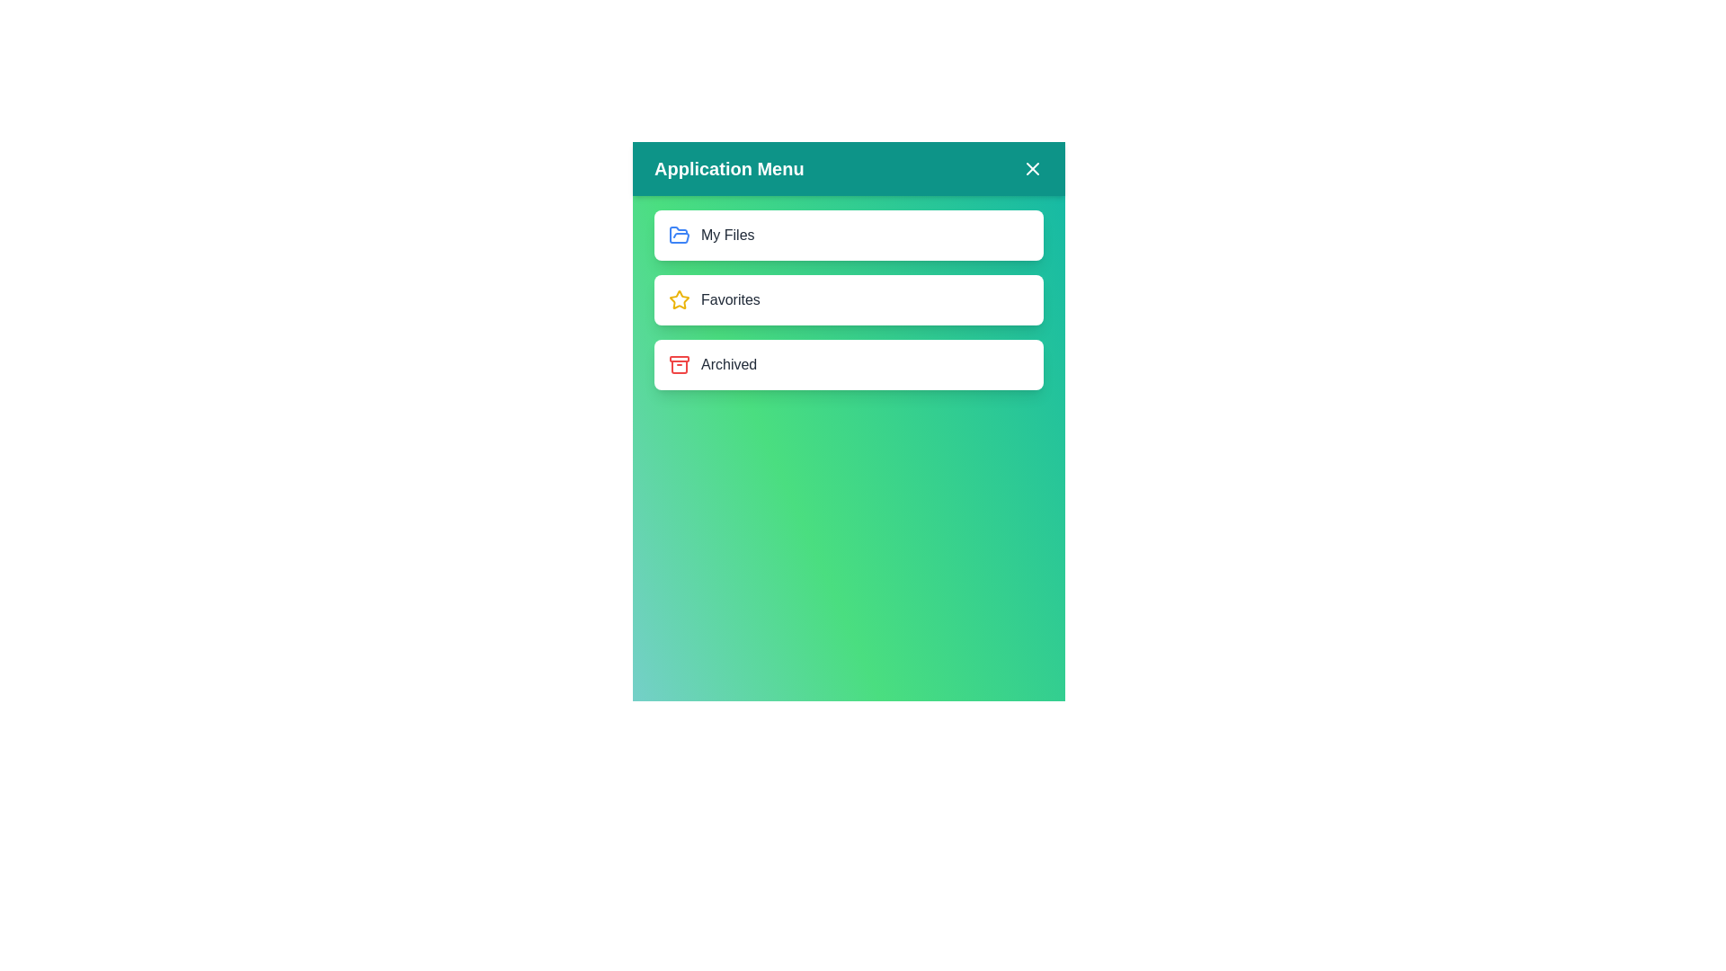  What do you see at coordinates (678, 235) in the screenshot?
I see `the icon of the menu item My Files` at bounding box center [678, 235].